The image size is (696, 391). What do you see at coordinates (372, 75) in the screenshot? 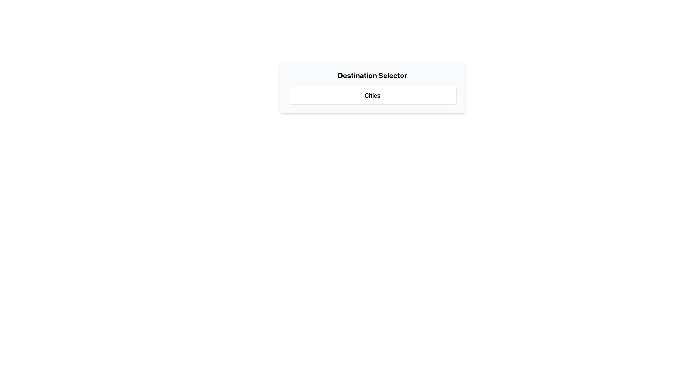
I see `the Text Label that serves as the title or heading at the top of the card, which indicates the main context or purpose of the card` at bounding box center [372, 75].